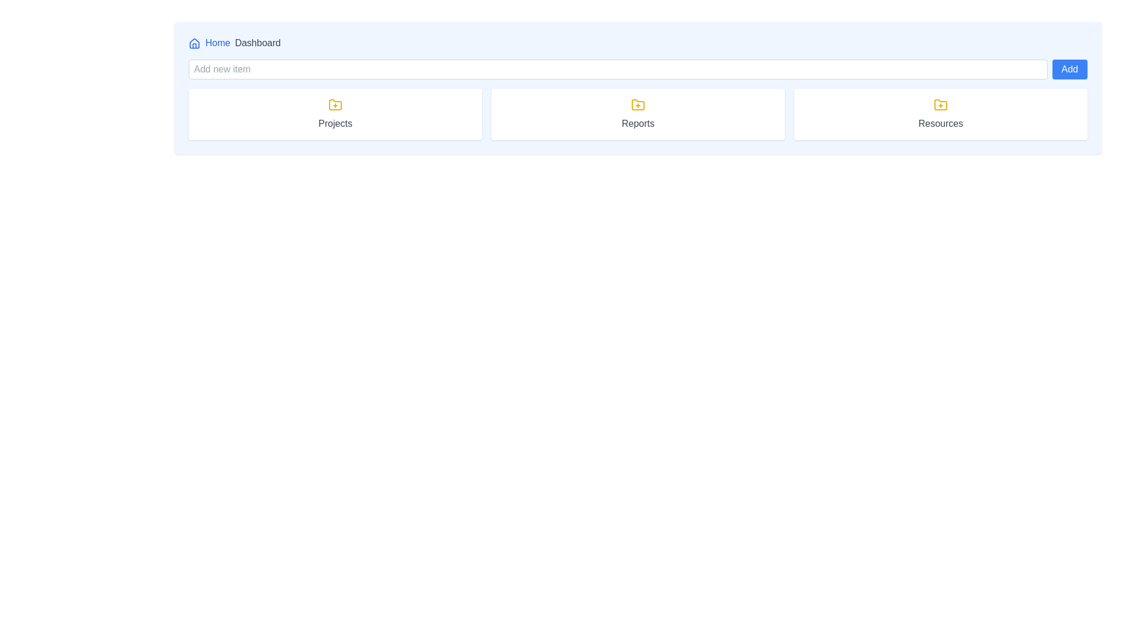 This screenshot has width=1122, height=631. I want to click on the 'Projects' icon located above the text 'Projects' in the leftmost card, so click(335, 105).